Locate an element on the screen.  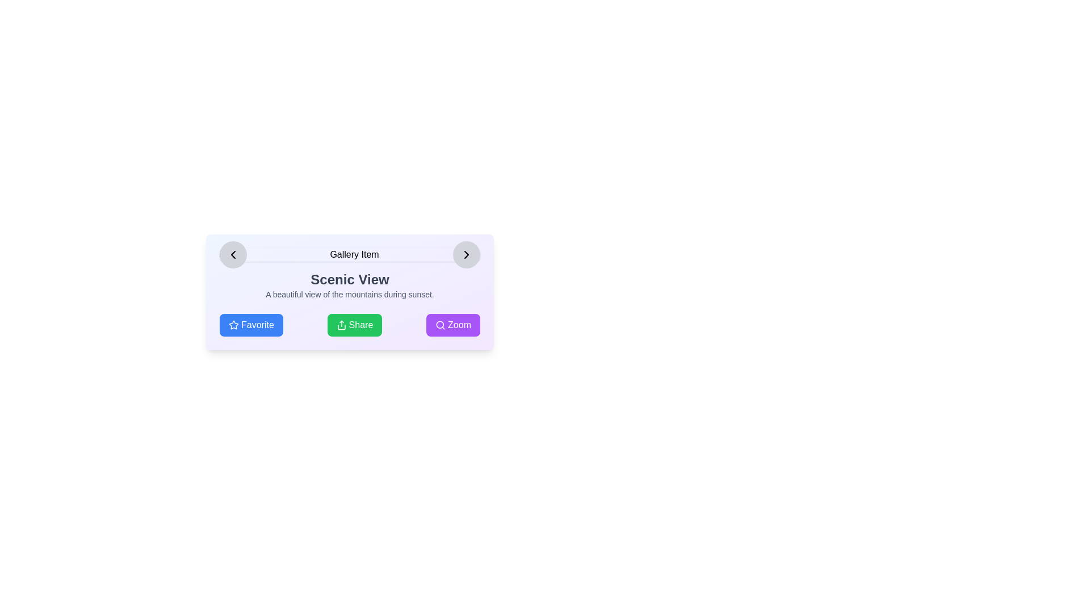
the second button from the left in a row of three buttons at the bottom of the section to change its color is located at coordinates (349, 325).